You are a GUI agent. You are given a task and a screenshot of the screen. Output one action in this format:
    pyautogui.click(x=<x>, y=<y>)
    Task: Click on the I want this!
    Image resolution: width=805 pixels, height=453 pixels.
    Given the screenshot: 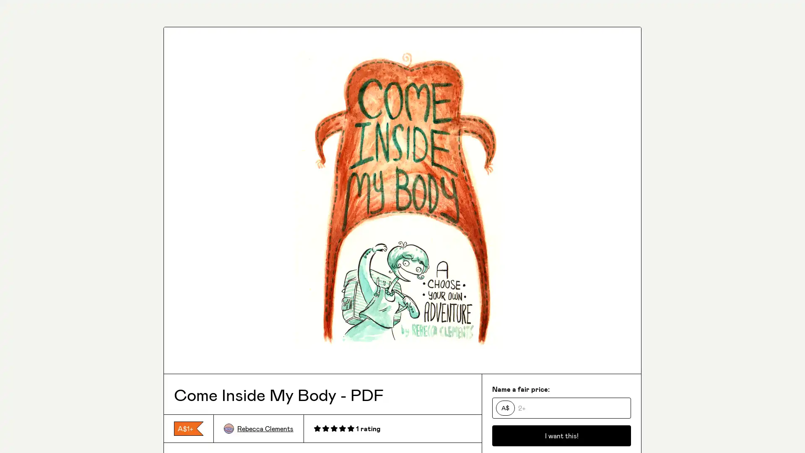 What is the action you would take?
    pyautogui.click(x=561, y=435)
    